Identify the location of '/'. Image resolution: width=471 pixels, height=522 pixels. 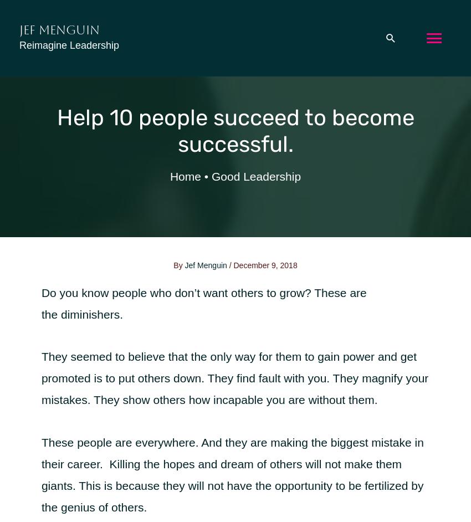
(231, 265).